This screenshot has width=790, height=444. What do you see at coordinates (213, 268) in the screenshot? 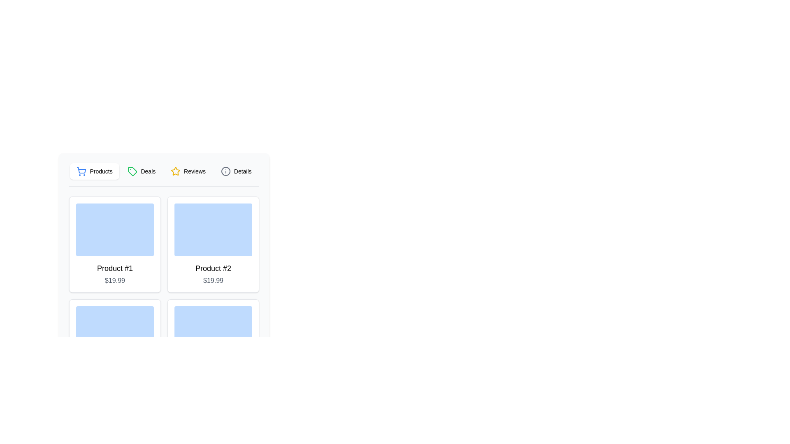
I see `text of the 'Product #2' label, which is a bold medium-sized text element located below a blue placeholder image and above the price '$19.99' in the second product card of the grid layout` at bounding box center [213, 268].